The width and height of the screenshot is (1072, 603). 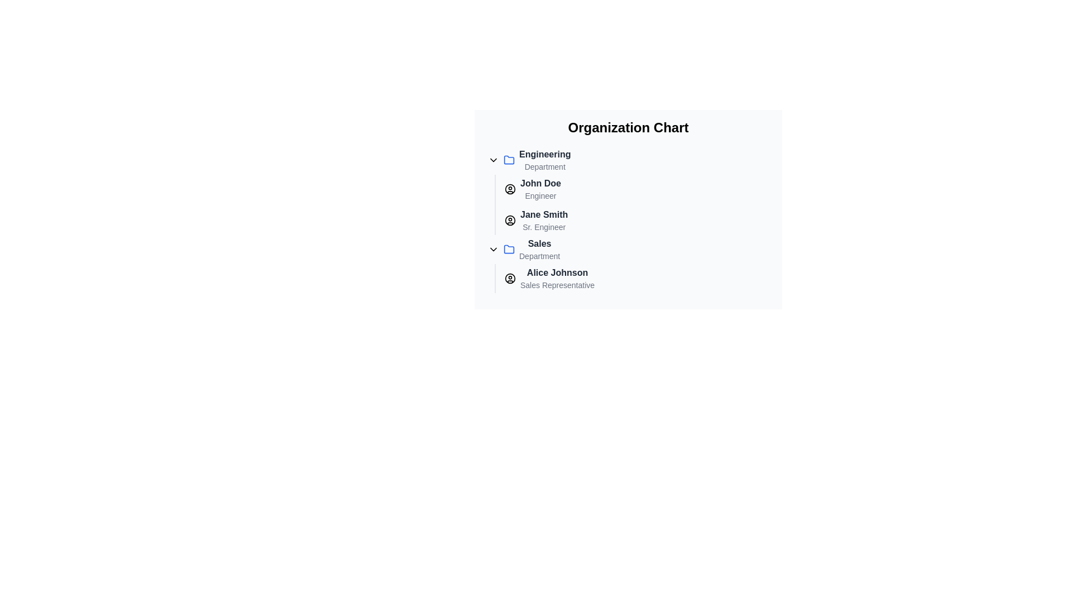 I want to click on text label containing 'Department' which is styled in a smaller font size and lighter gray color, positioned below the bold text 'Sales' in the organization chart section, so click(x=539, y=256).